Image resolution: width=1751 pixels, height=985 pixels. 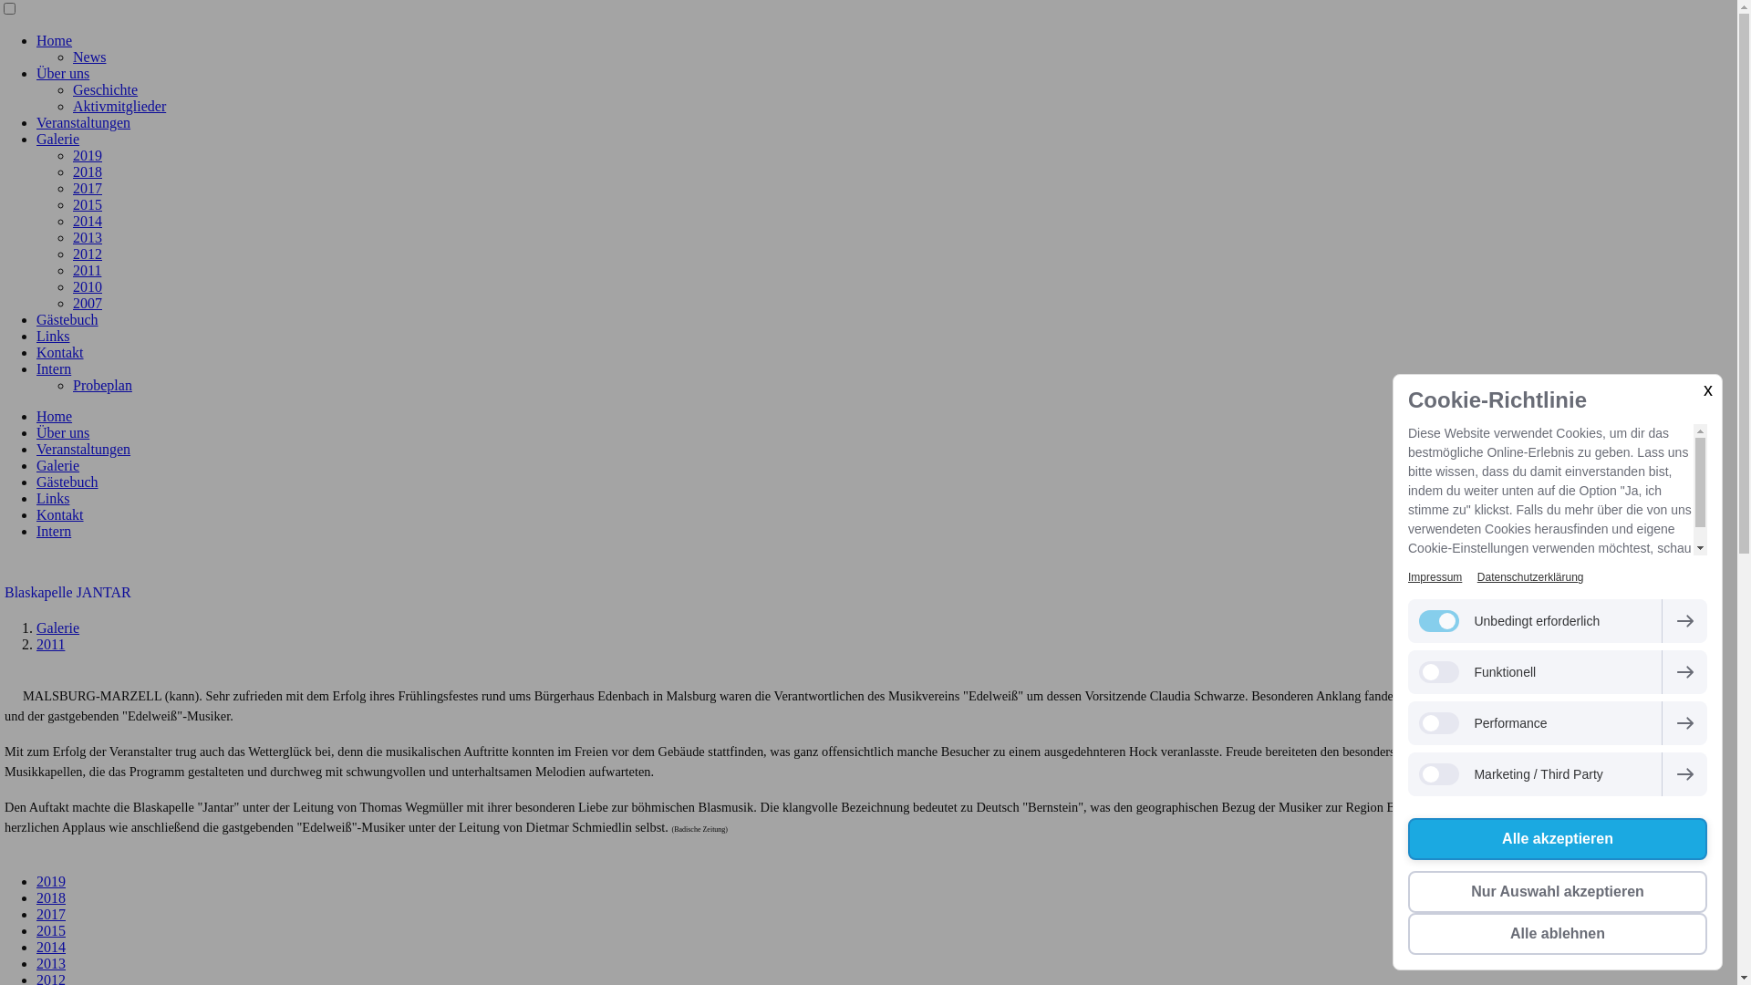 What do you see at coordinates (87, 188) in the screenshot?
I see `'2017'` at bounding box center [87, 188].